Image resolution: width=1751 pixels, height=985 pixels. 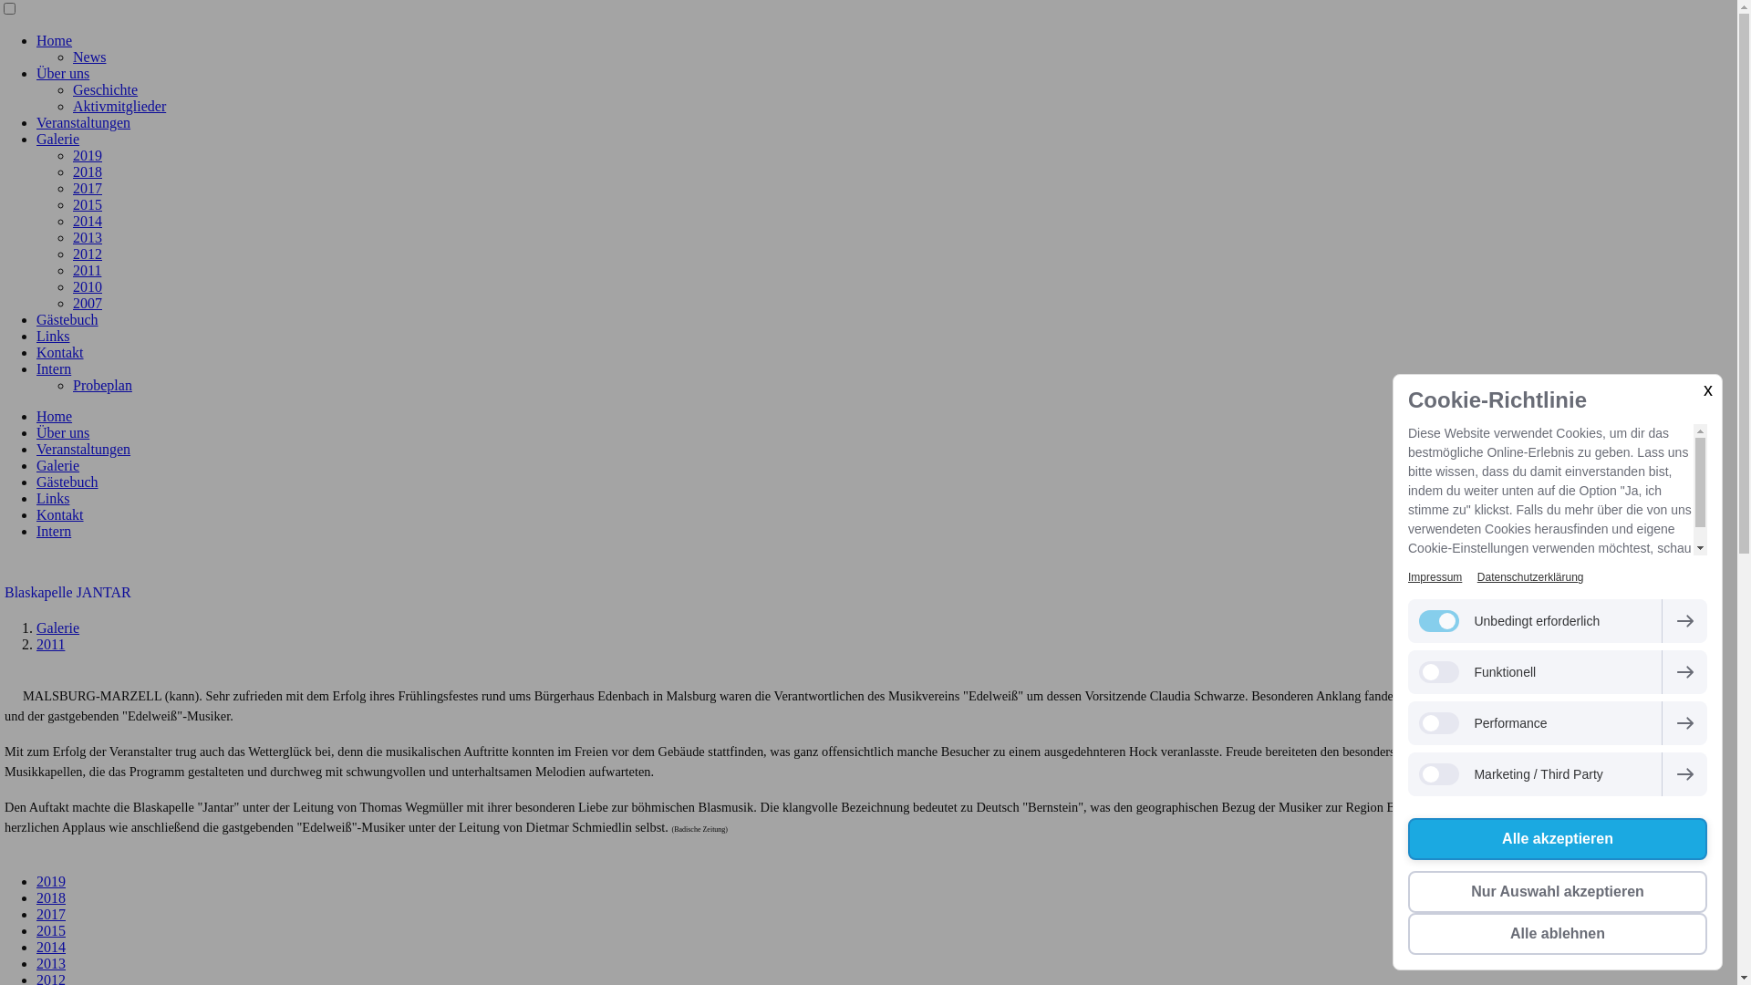 What do you see at coordinates (87, 188) in the screenshot?
I see `'2017'` at bounding box center [87, 188].